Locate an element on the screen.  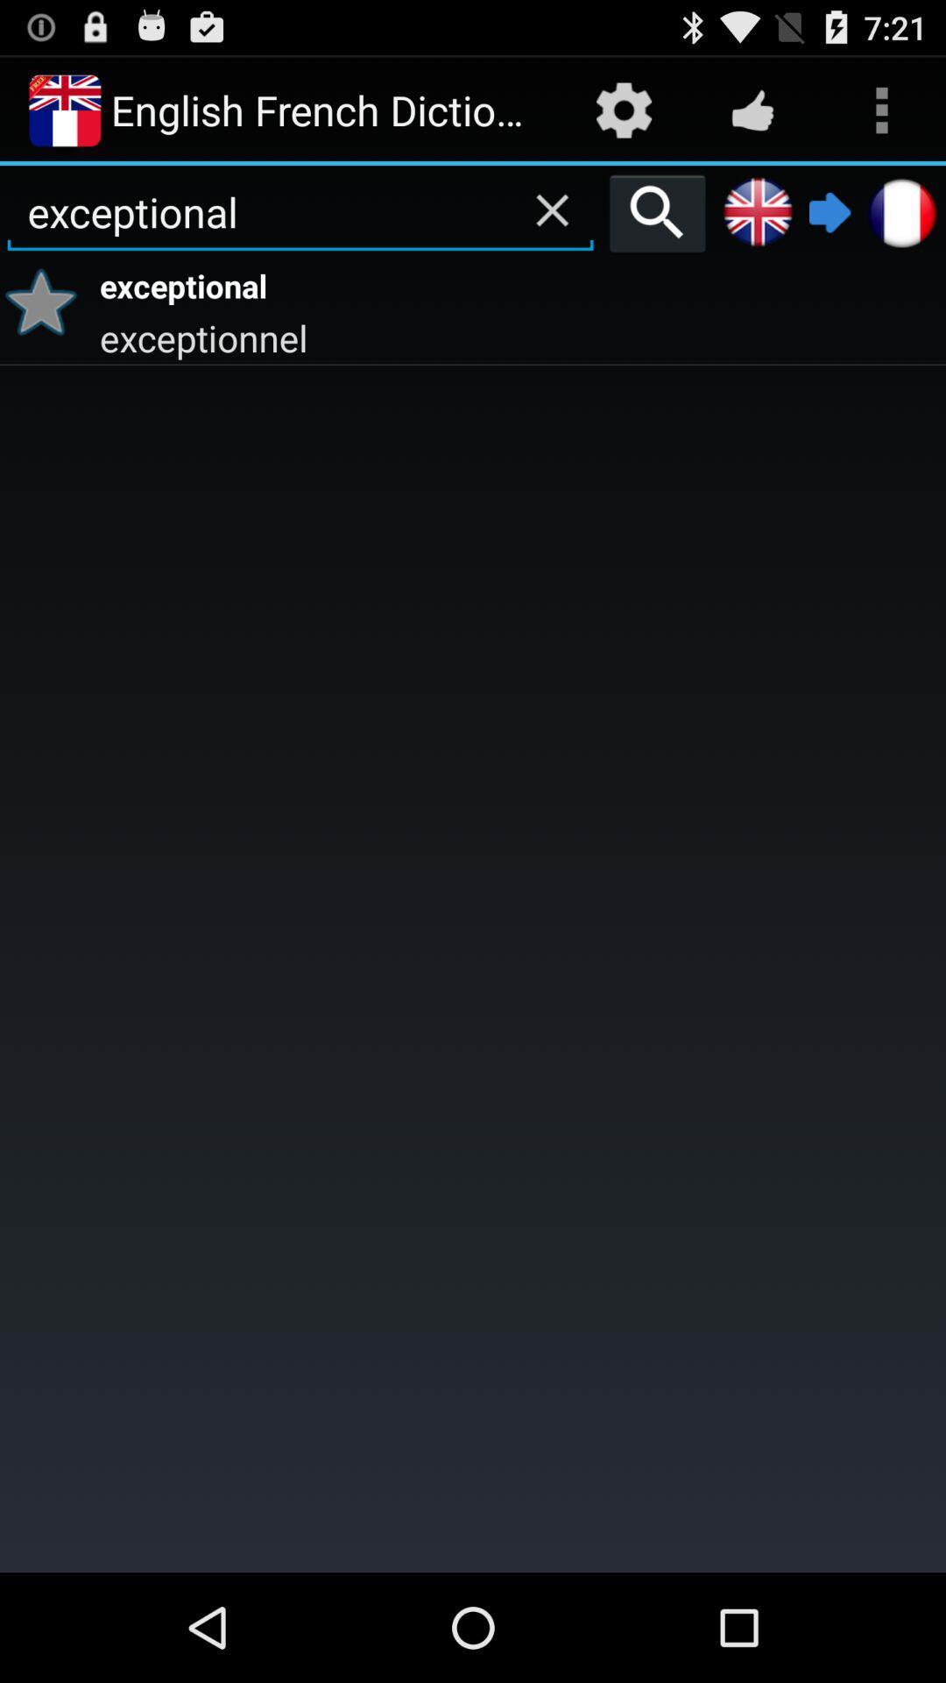
the exceptionnel app is located at coordinates (519, 337).